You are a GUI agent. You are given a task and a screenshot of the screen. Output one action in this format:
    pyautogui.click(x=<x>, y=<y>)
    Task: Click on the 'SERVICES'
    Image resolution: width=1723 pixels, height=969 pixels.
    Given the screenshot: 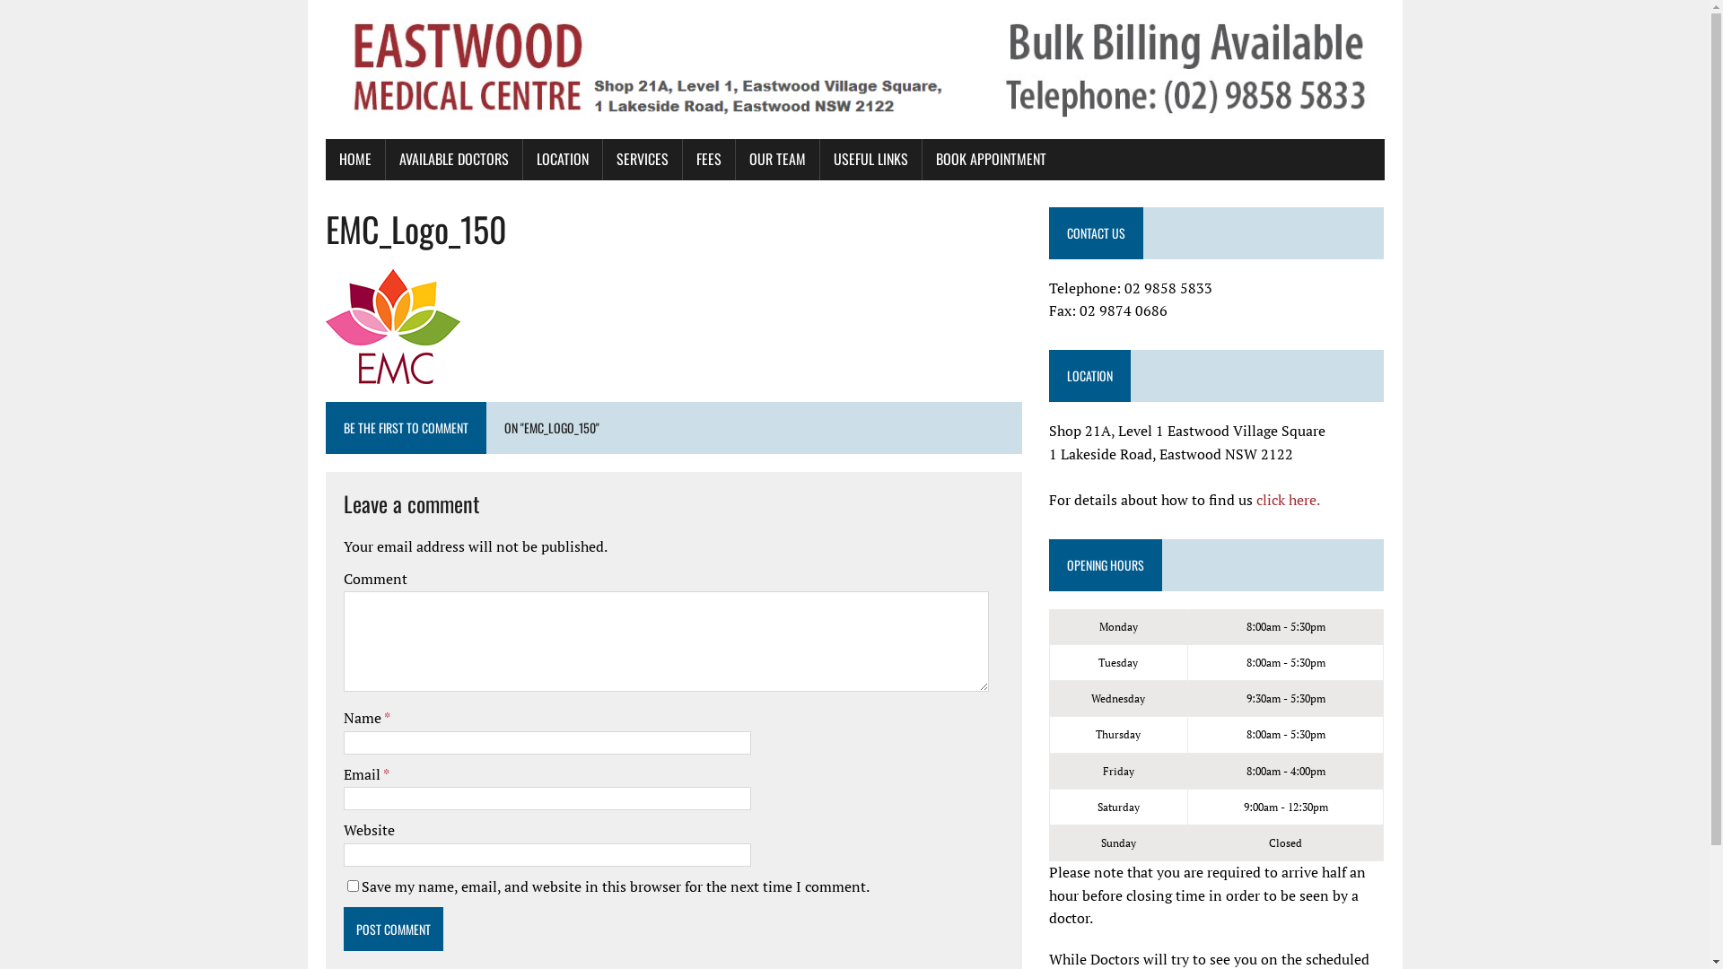 What is the action you would take?
    pyautogui.click(x=603, y=158)
    